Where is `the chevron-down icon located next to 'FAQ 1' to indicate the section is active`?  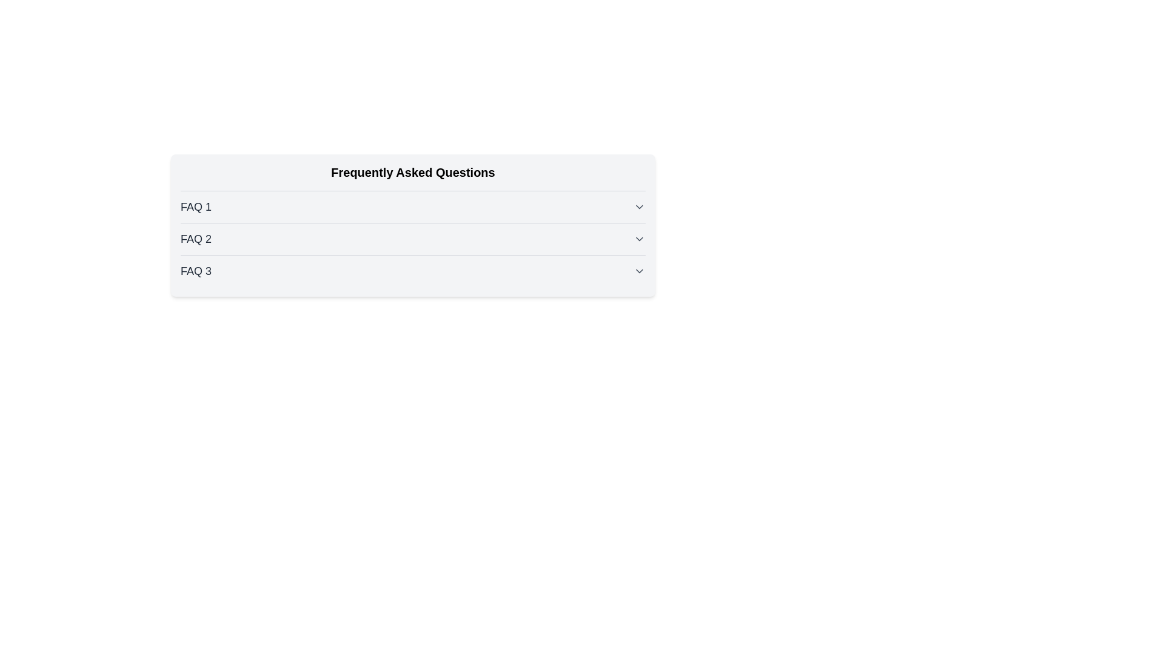
the chevron-down icon located next to 'FAQ 1' to indicate the section is active is located at coordinates (639, 206).